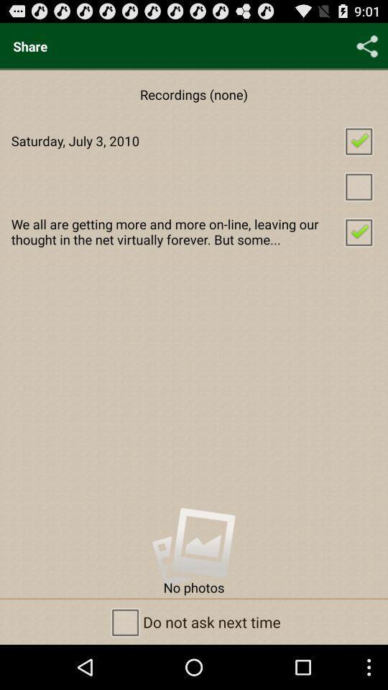 The height and width of the screenshot is (690, 388). I want to click on do not ask item, so click(194, 621).